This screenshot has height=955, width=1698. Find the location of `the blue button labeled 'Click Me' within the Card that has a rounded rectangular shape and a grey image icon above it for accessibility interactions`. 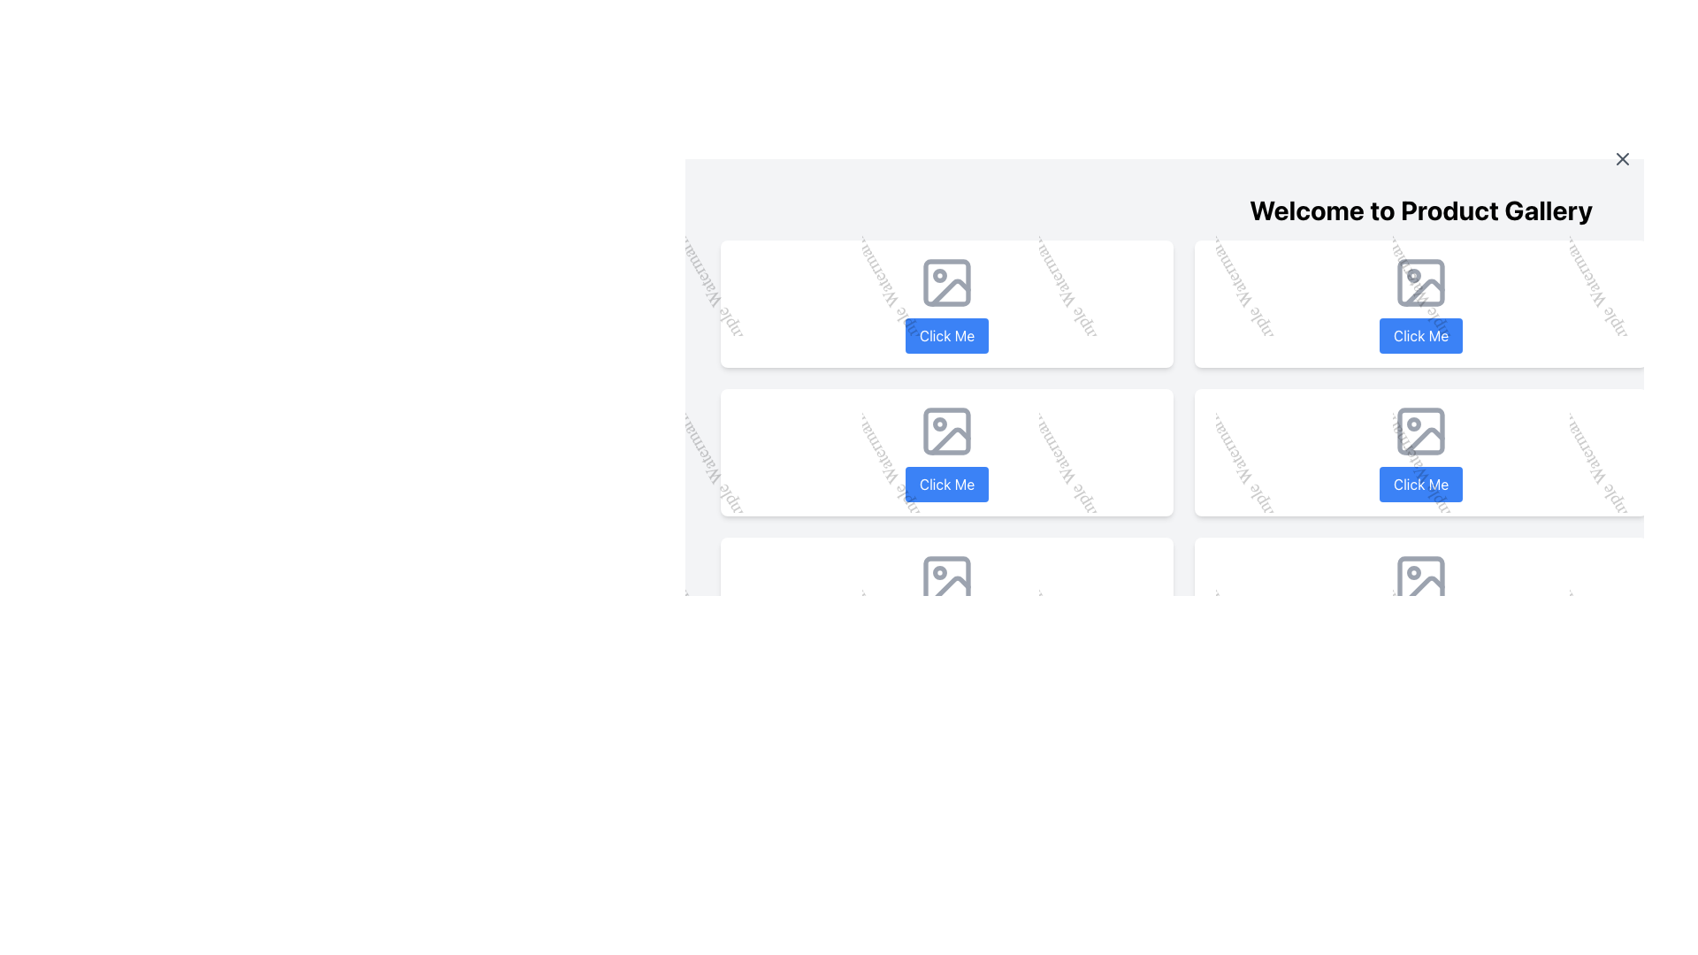

the blue button labeled 'Click Me' within the Card that has a rounded rectangular shape and a grey image icon above it for accessibility interactions is located at coordinates (945, 302).